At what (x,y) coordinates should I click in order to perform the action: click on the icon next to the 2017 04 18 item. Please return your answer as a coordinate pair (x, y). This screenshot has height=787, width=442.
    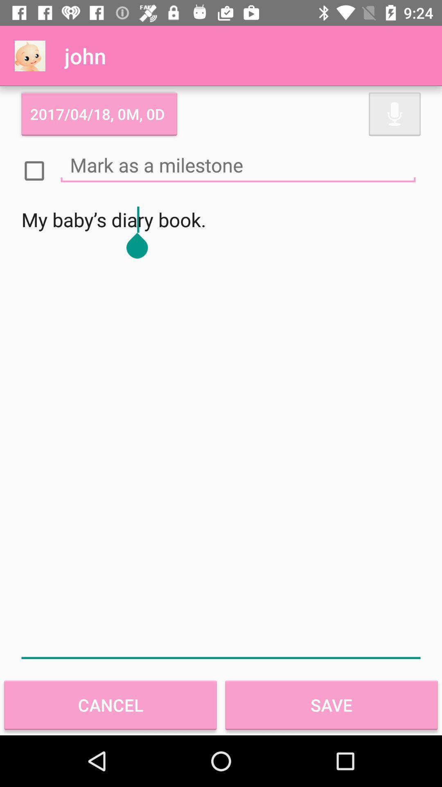
    Looking at the image, I should click on (394, 114).